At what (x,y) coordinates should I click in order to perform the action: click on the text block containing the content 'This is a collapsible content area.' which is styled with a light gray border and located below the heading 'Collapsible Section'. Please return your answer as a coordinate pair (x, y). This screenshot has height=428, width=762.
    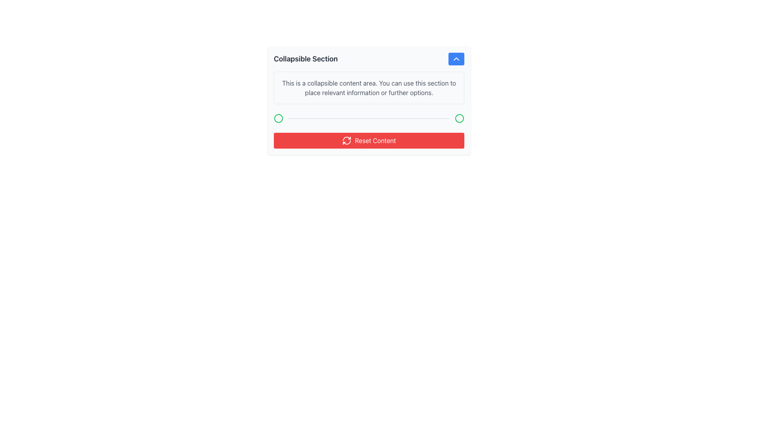
    Looking at the image, I should click on (369, 88).